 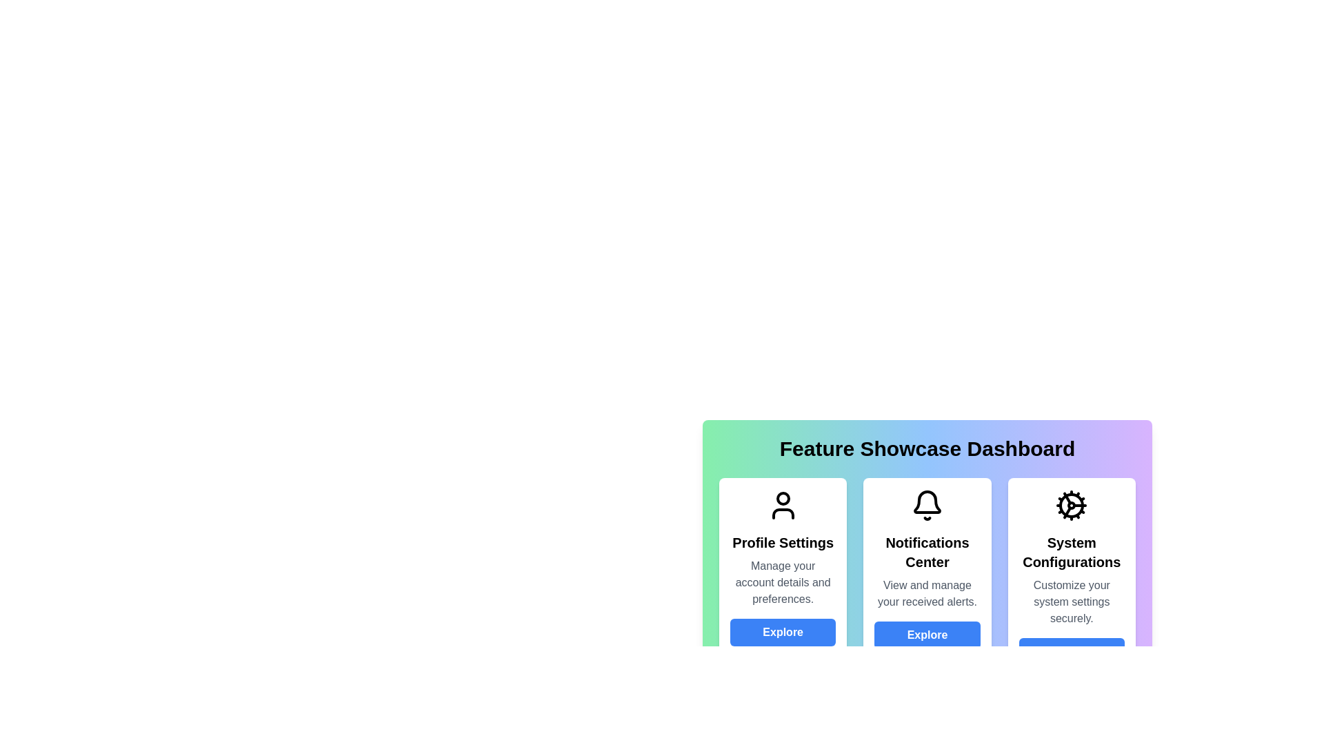 What do you see at coordinates (783, 498) in the screenshot?
I see `the SVG circle representing the user profile or avatar located at the top of the 'Profile Settings' card on the Feature Showcase Dashboard` at bounding box center [783, 498].